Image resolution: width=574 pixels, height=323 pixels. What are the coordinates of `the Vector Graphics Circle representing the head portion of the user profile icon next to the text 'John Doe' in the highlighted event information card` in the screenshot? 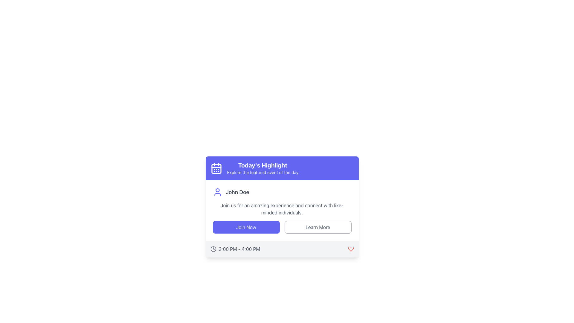 It's located at (217, 190).